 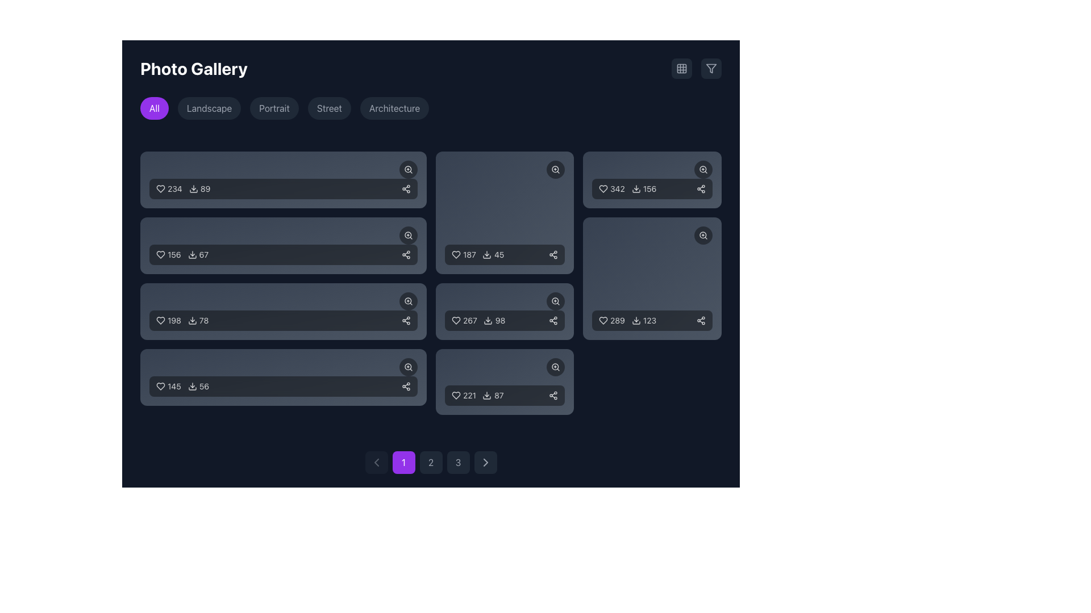 What do you see at coordinates (603, 320) in the screenshot?
I see `the heart-shaped icon representing the 'like' symbol` at bounding box center [603, 320].